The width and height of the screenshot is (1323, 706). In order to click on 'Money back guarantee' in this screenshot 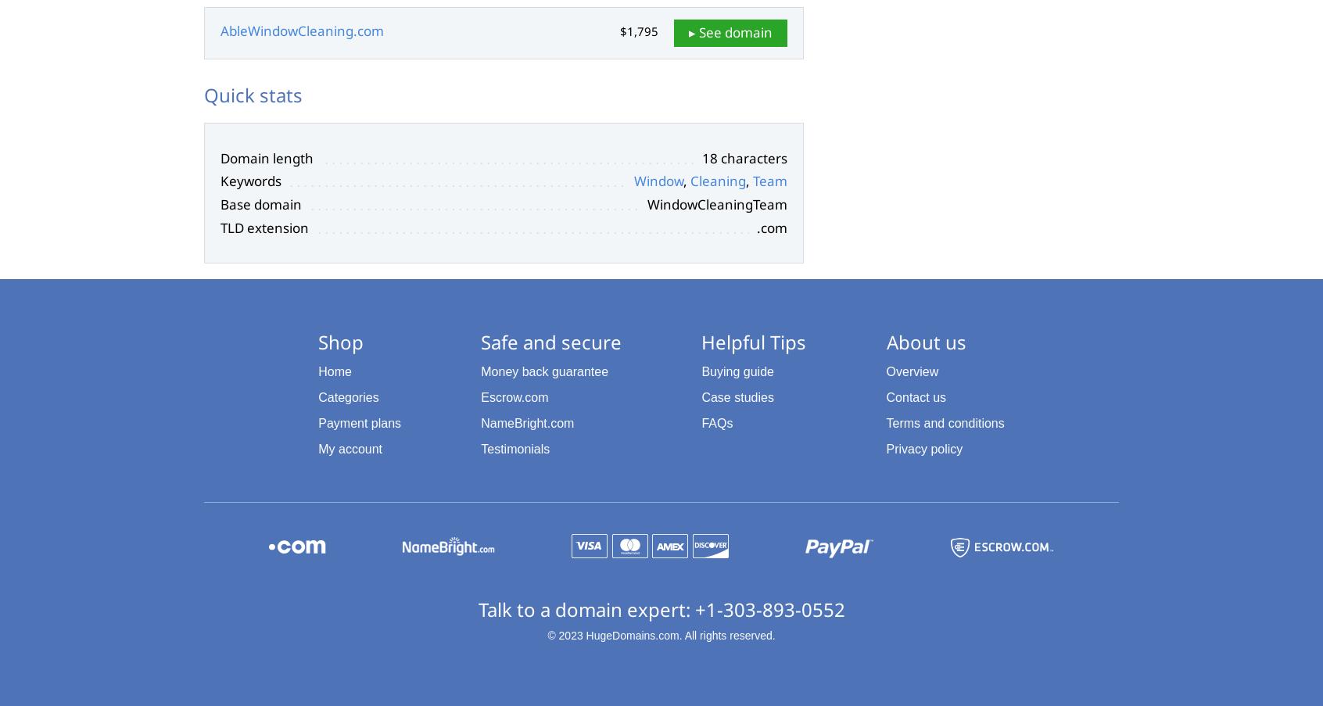, I will do `click(480, 371)`.